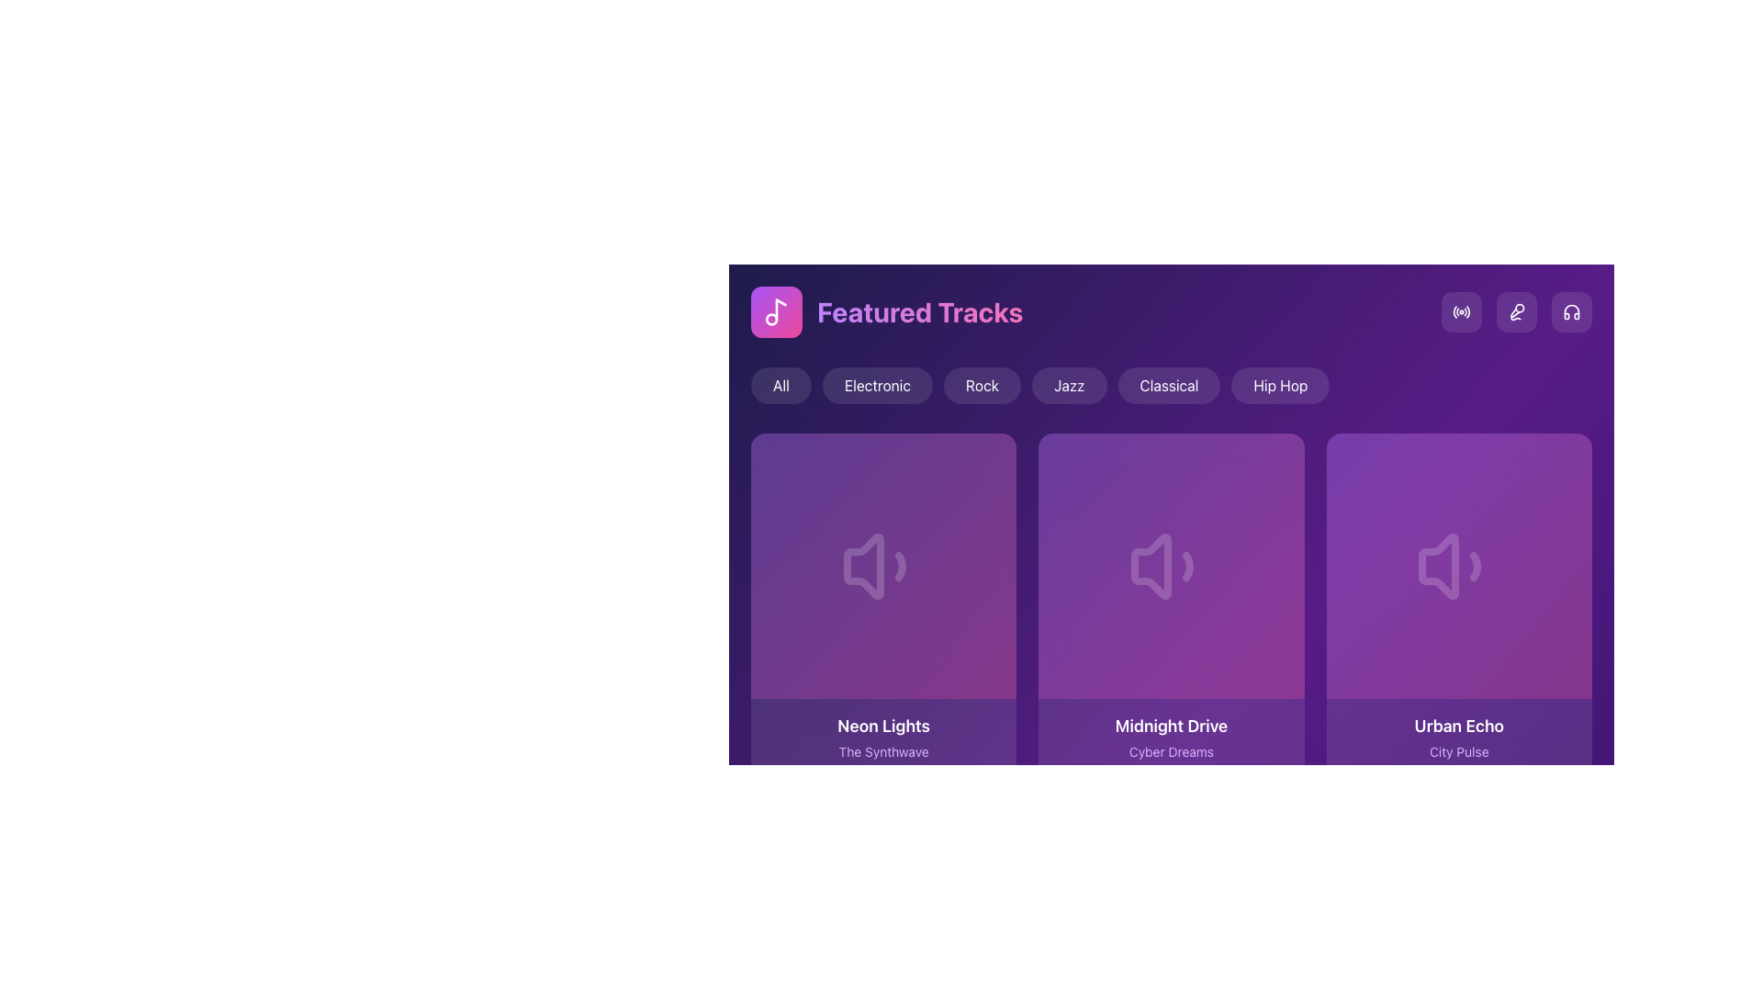 Image resolution: width=1763 pixels, height=992 pixels. I want to click on the text label, so click(1171, 726).